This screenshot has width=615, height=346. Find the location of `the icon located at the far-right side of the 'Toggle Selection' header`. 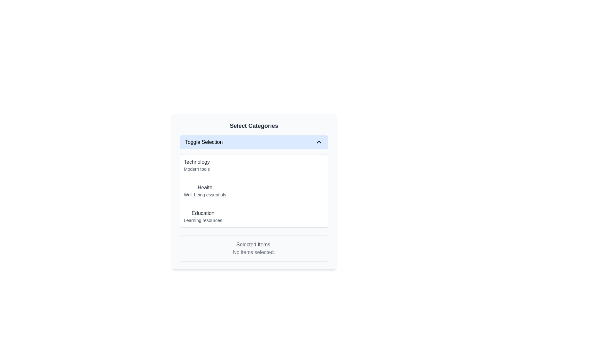

the icon located at the far-right side of the 'Toggle Selection' header is located at coordinates (319, 142).